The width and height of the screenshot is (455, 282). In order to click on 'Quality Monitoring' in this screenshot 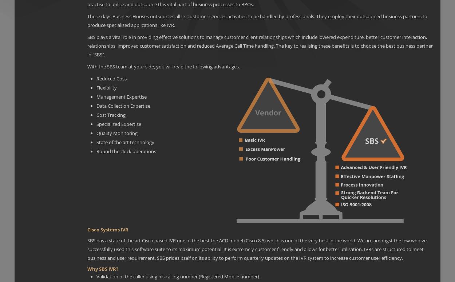, I will do `click(116, 133)`.